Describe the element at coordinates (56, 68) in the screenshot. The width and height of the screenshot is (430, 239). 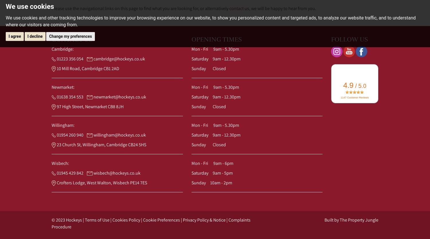
I see `'10 Mill Road, Cambridge CB1 2AD'` at that location.